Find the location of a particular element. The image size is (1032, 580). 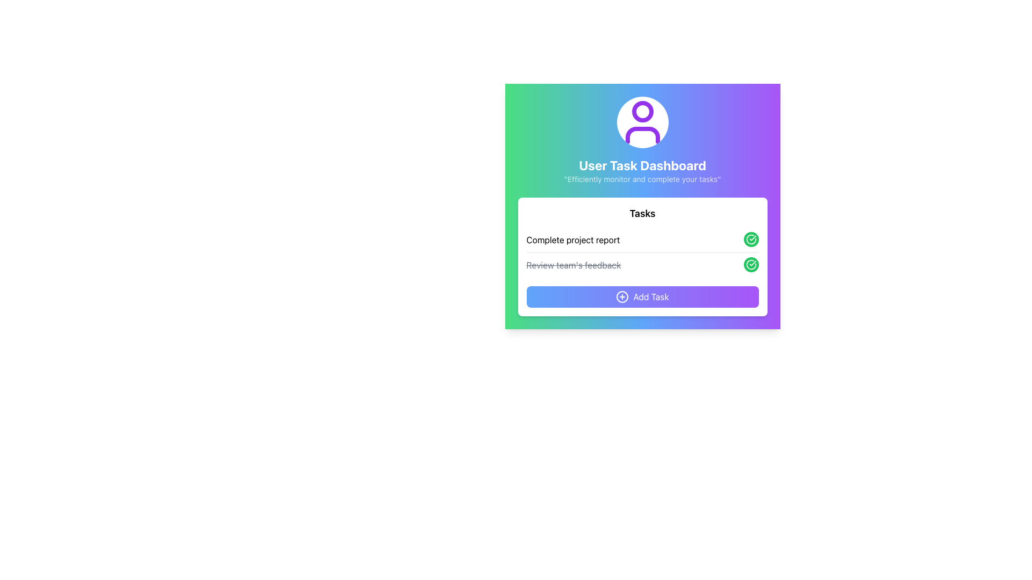

the text label that represents the name of a task, located just below the heading 'Tasks' and above the label 'Review team's feedback' is located at coordinates (572, 240).